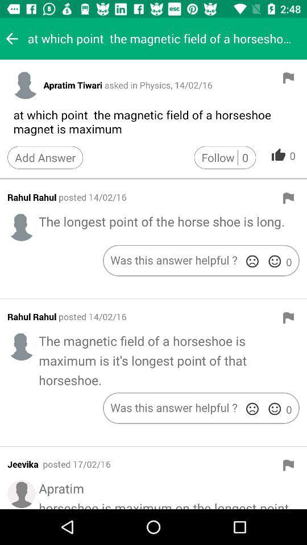  Describe the element at coordinates (288, 198) in the screenshot. I see `flag post` at that location.